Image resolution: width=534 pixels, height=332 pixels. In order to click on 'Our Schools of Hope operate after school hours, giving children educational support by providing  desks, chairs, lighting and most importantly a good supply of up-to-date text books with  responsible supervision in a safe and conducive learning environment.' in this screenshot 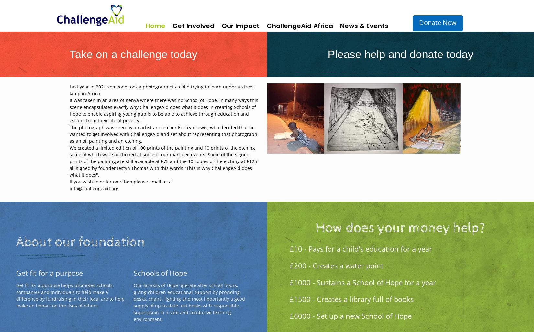, I will do `click(188, 302)`.